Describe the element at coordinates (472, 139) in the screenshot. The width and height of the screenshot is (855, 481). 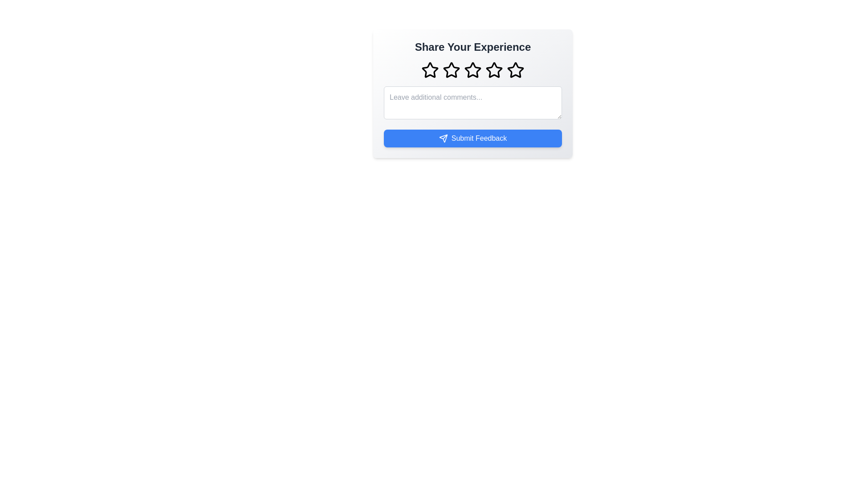
I see `the 'Submit Feedback' button with a blue background and white text` at that location.